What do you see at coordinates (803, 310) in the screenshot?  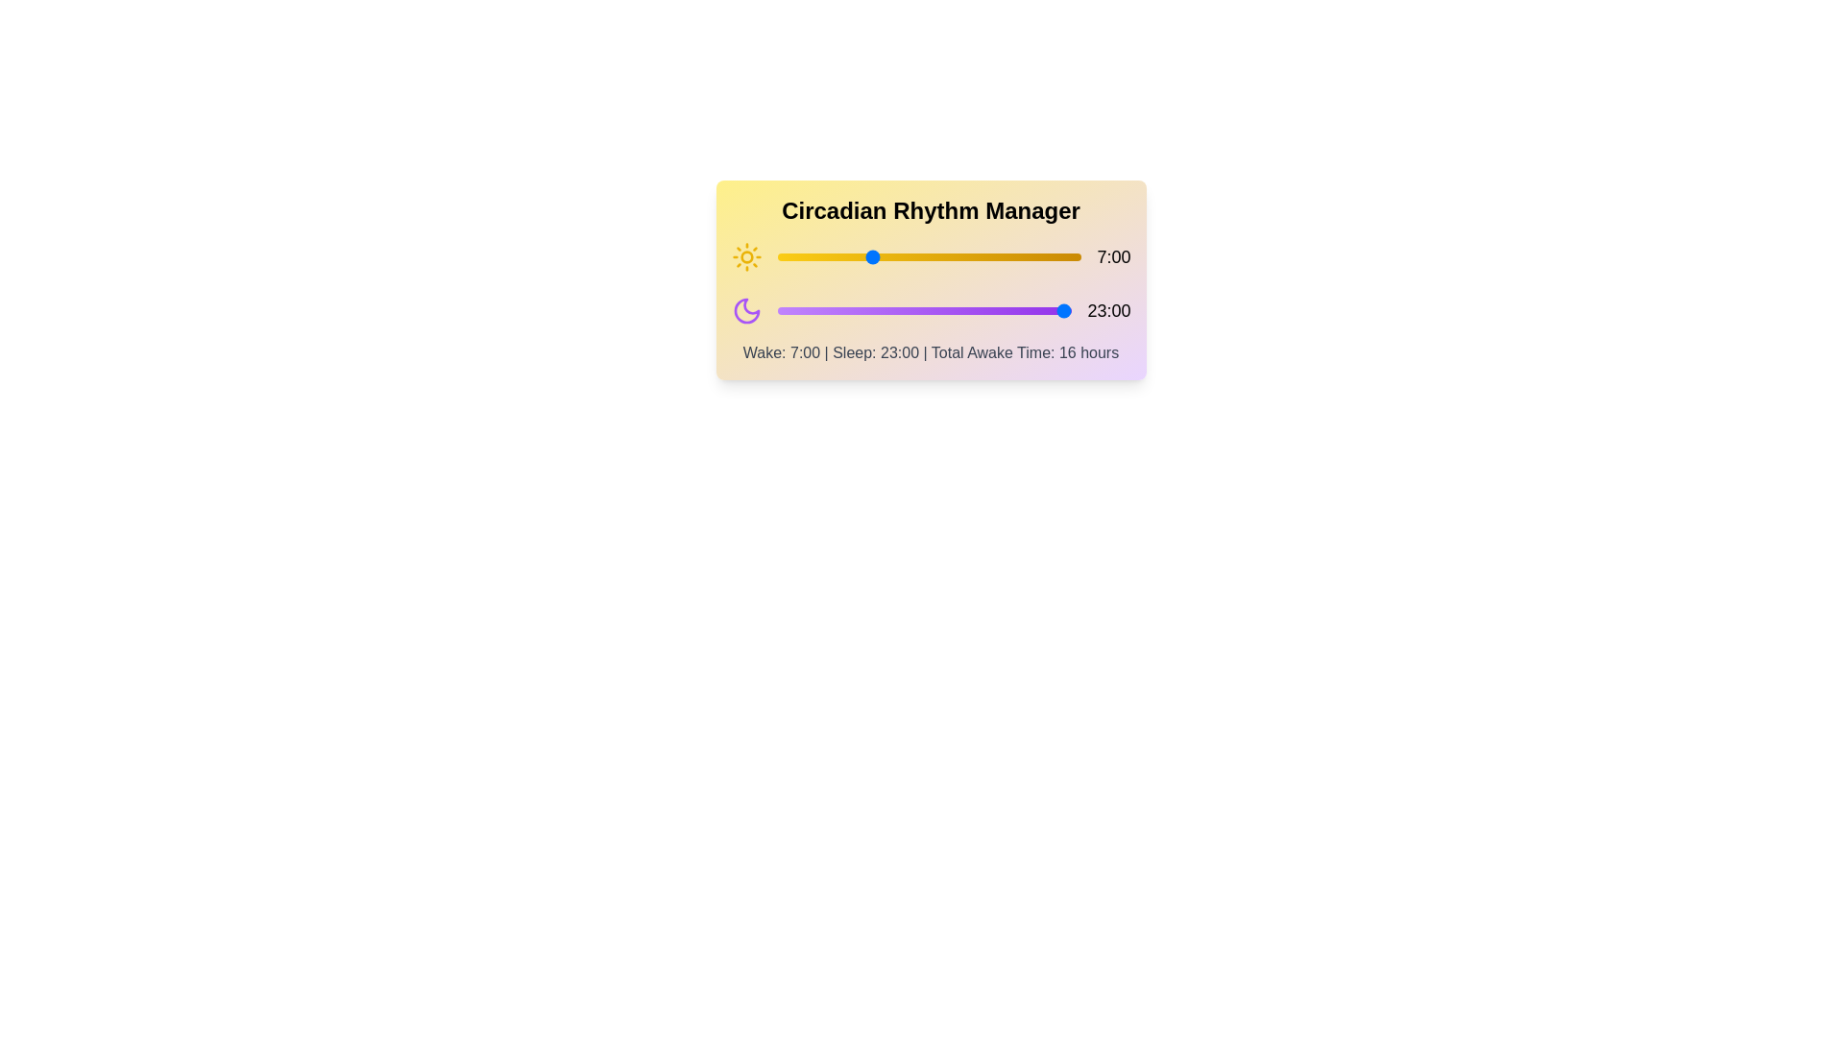 I see `the sleep hour slider to 2` at bounding box center [803, 310].